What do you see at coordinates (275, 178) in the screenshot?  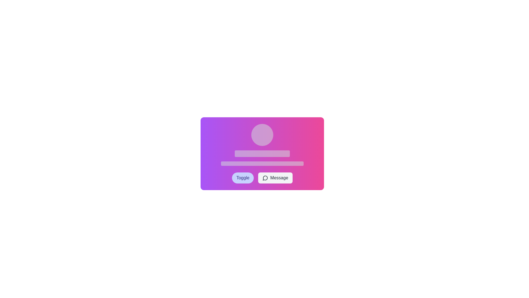 I see `the 'Message' button, which features a rounded rectangular shape with a light gray background and a speech bubble icon` at bounding box center [275, 178].